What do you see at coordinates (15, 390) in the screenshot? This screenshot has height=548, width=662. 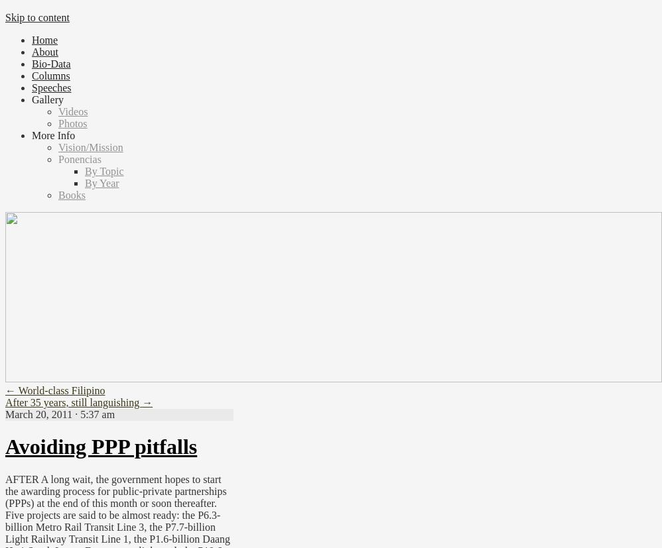 I see `'World-class Filipino'` at bounding box center [15, 390].